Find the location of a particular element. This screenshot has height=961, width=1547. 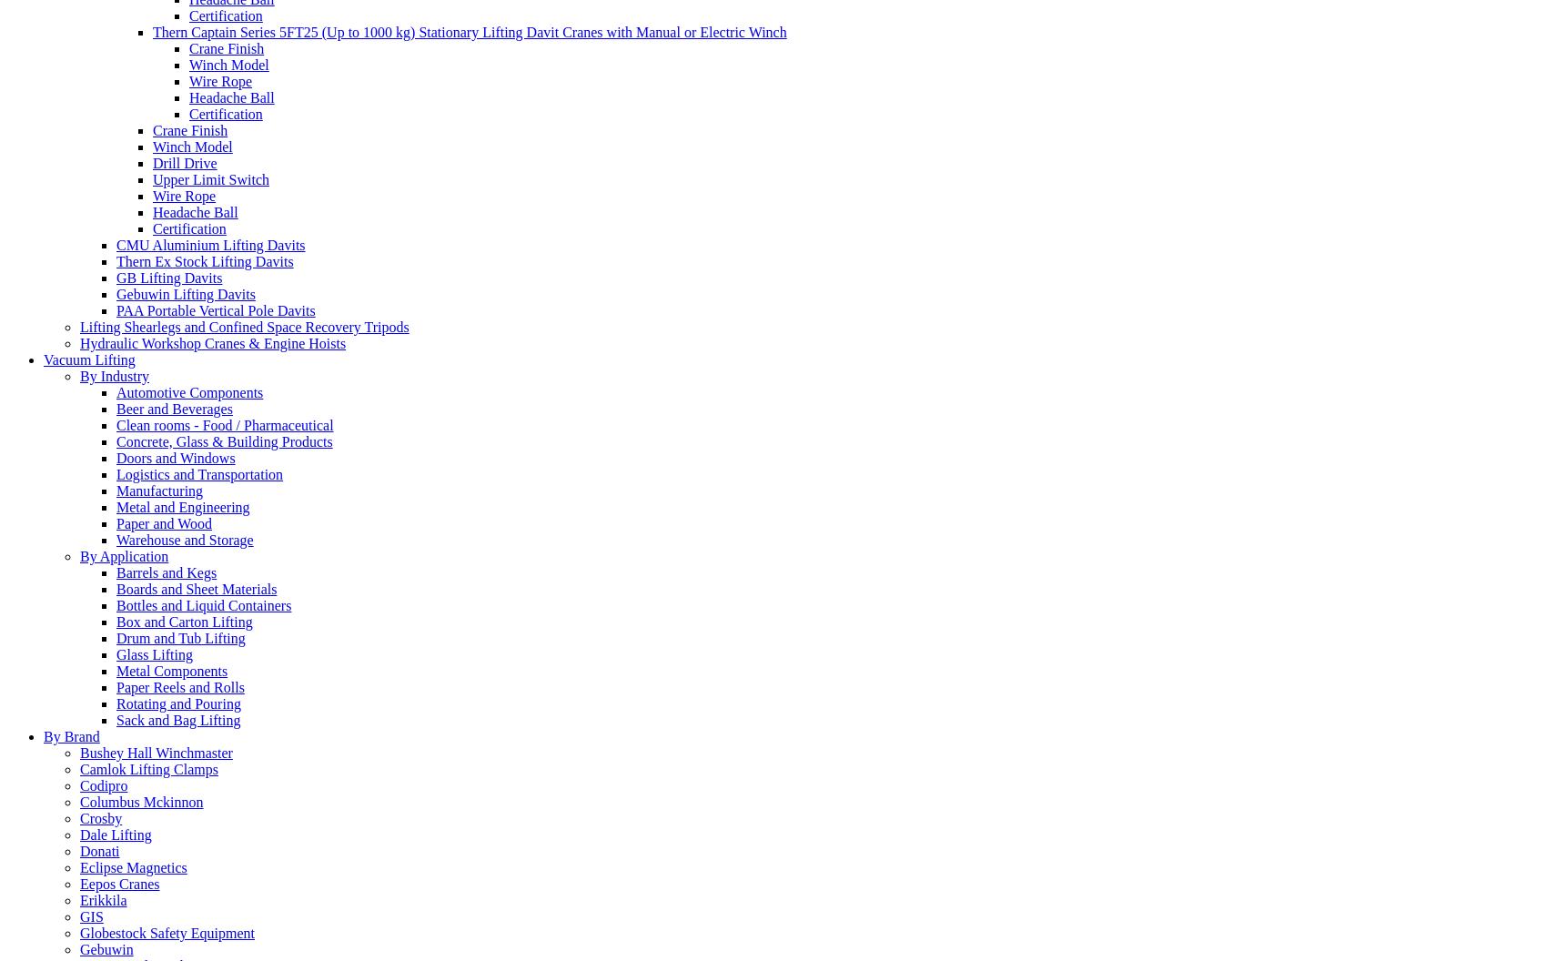

'Warehouse and Storage' is located at coordinates (183, 539).